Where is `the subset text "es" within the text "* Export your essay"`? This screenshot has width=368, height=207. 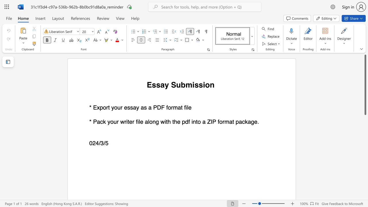 the subset text "es" within the text "* Export your essay" is located at coordinates (124, 108).